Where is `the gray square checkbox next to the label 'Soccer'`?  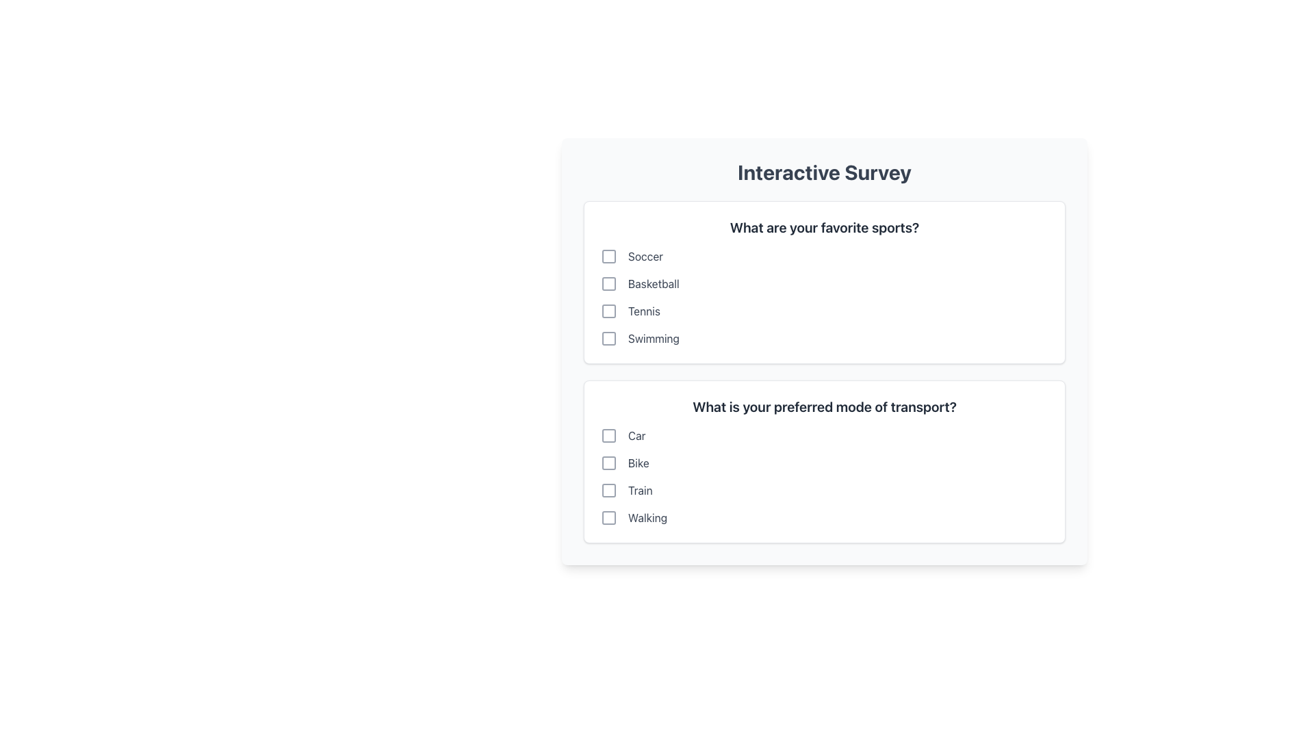
the gray square checkbox next to the label 'Soccer' is located at coordinates (608, 256).